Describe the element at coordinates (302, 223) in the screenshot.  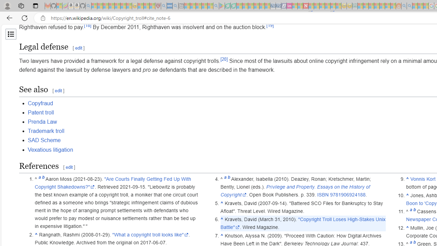
I see `'"Copyright Troll Loses High-Stakes Unix Battle"'` at that location.